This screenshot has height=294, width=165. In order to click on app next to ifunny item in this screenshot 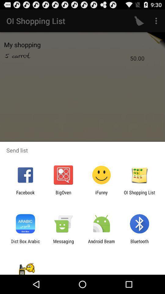, I will do `click(139, 195)`.